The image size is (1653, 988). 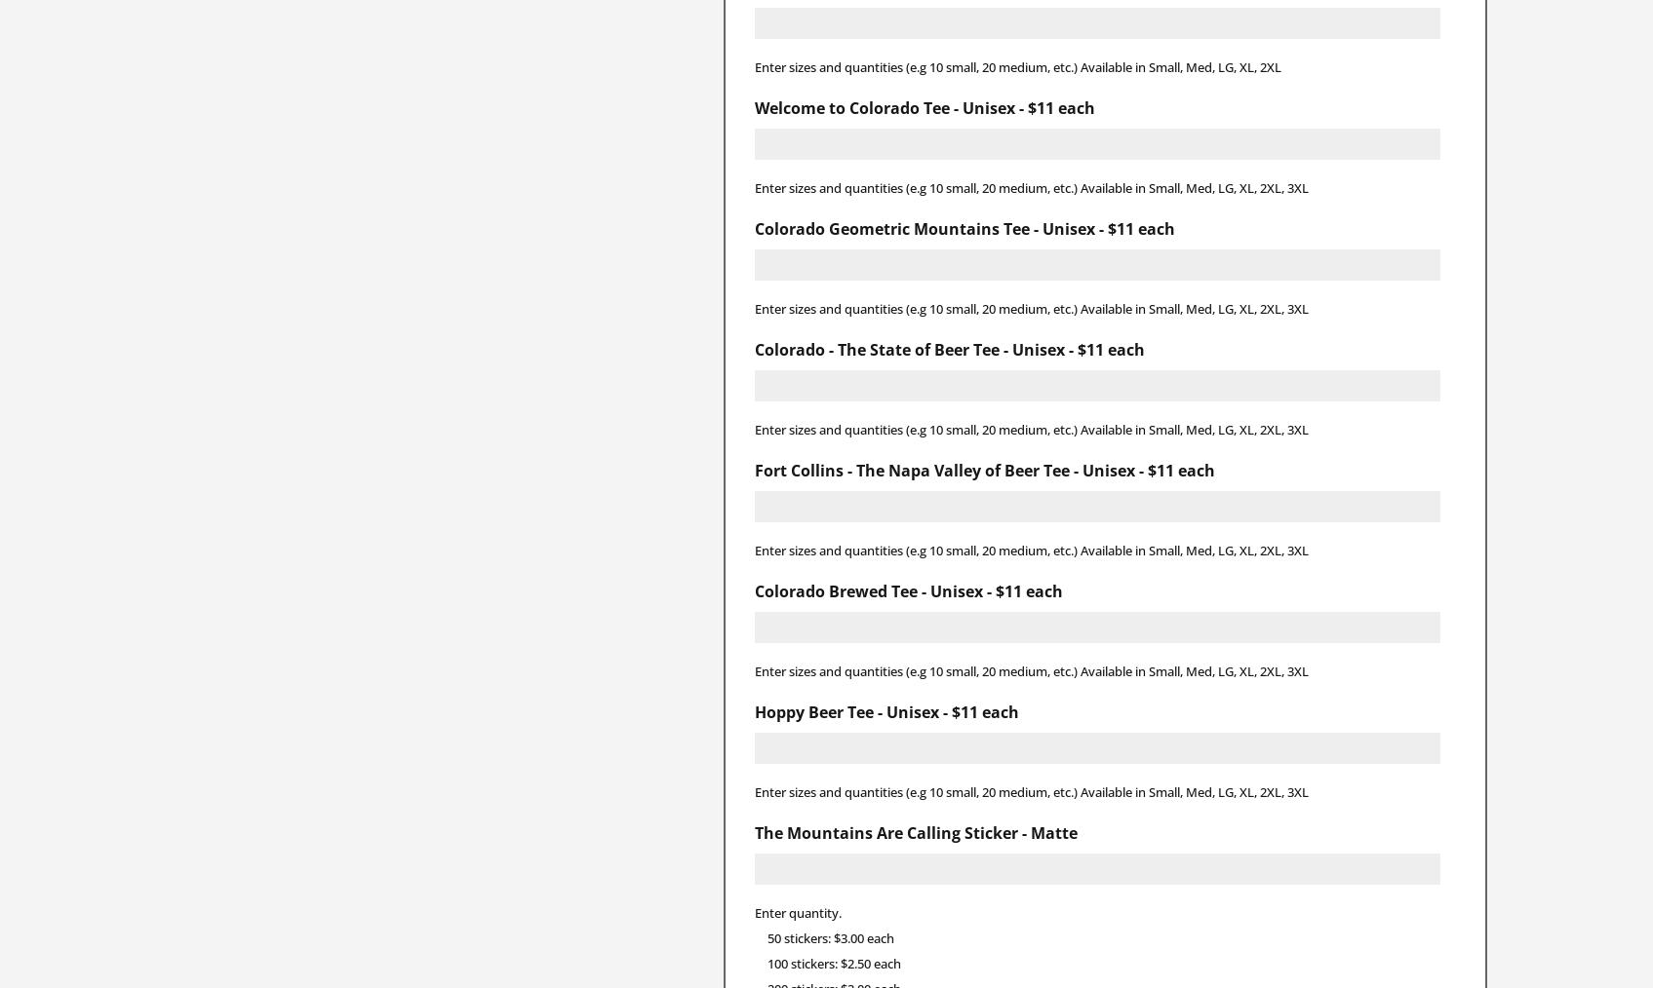 What do you see at coordinates (797, 912) in the screenshot?
I see `'Enter quantity.'` at bounding box center [797, 912].